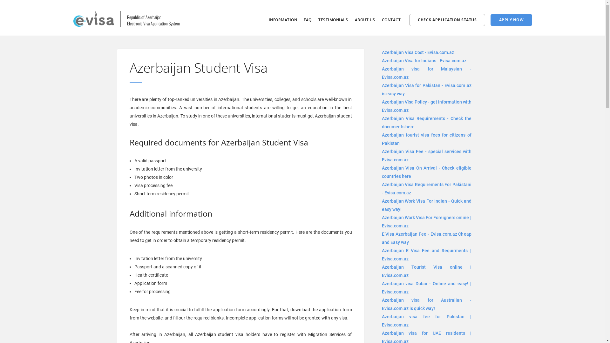 The height and width of the screenshot is (343, 610). I want to click on 'INFORMATION', so click(283, 19).